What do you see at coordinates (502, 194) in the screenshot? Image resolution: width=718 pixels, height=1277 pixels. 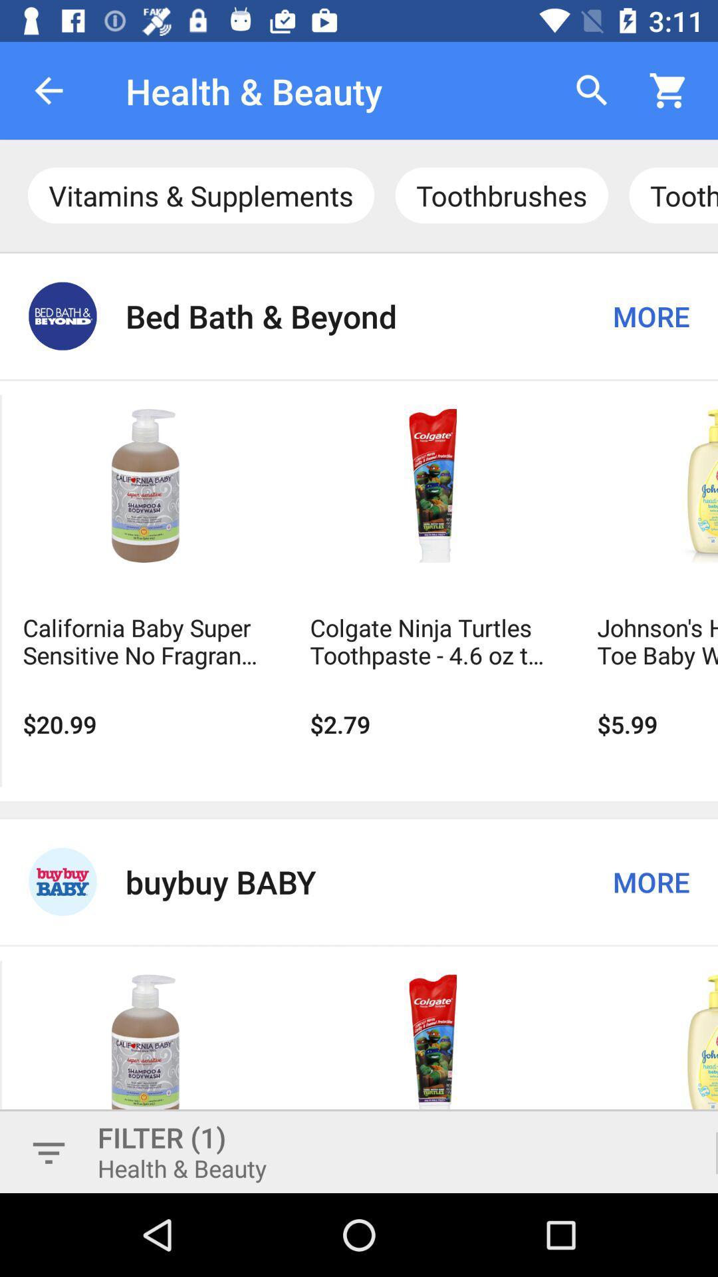 I see `the text next to vitaminssupplements` at bounding box center [502, 194].